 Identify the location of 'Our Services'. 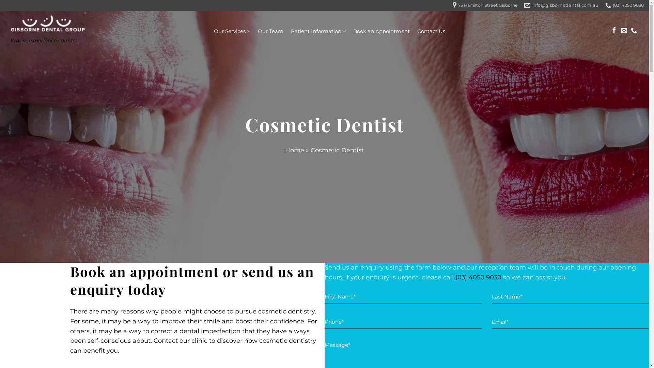
(214, 31).